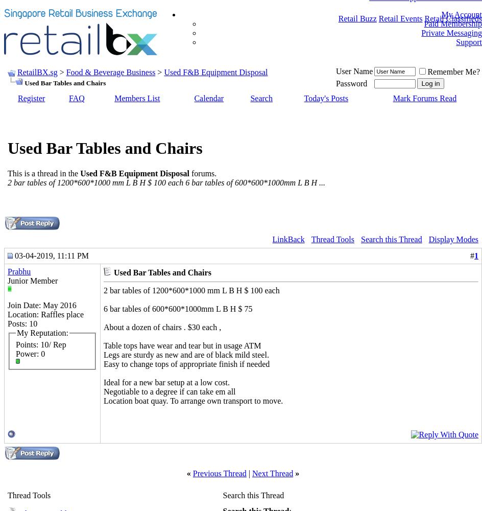  Describe the element at coordinates (50, 254) in the screenshot. I see `'03-04-2019, 11:11 PM'` at that location.